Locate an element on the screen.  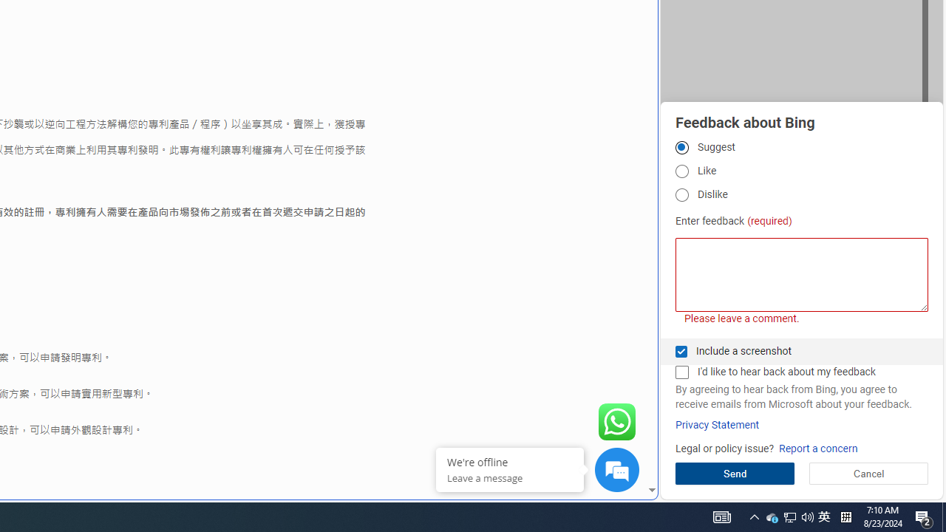
'Like' is located at coordinates (681, 171).